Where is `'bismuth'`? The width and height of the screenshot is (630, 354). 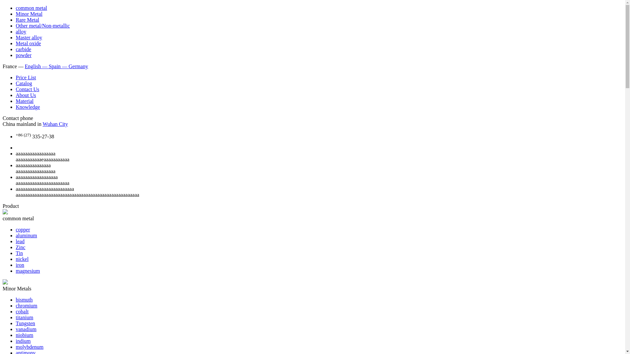 'bismuth' is located at coordinates (24, 300).